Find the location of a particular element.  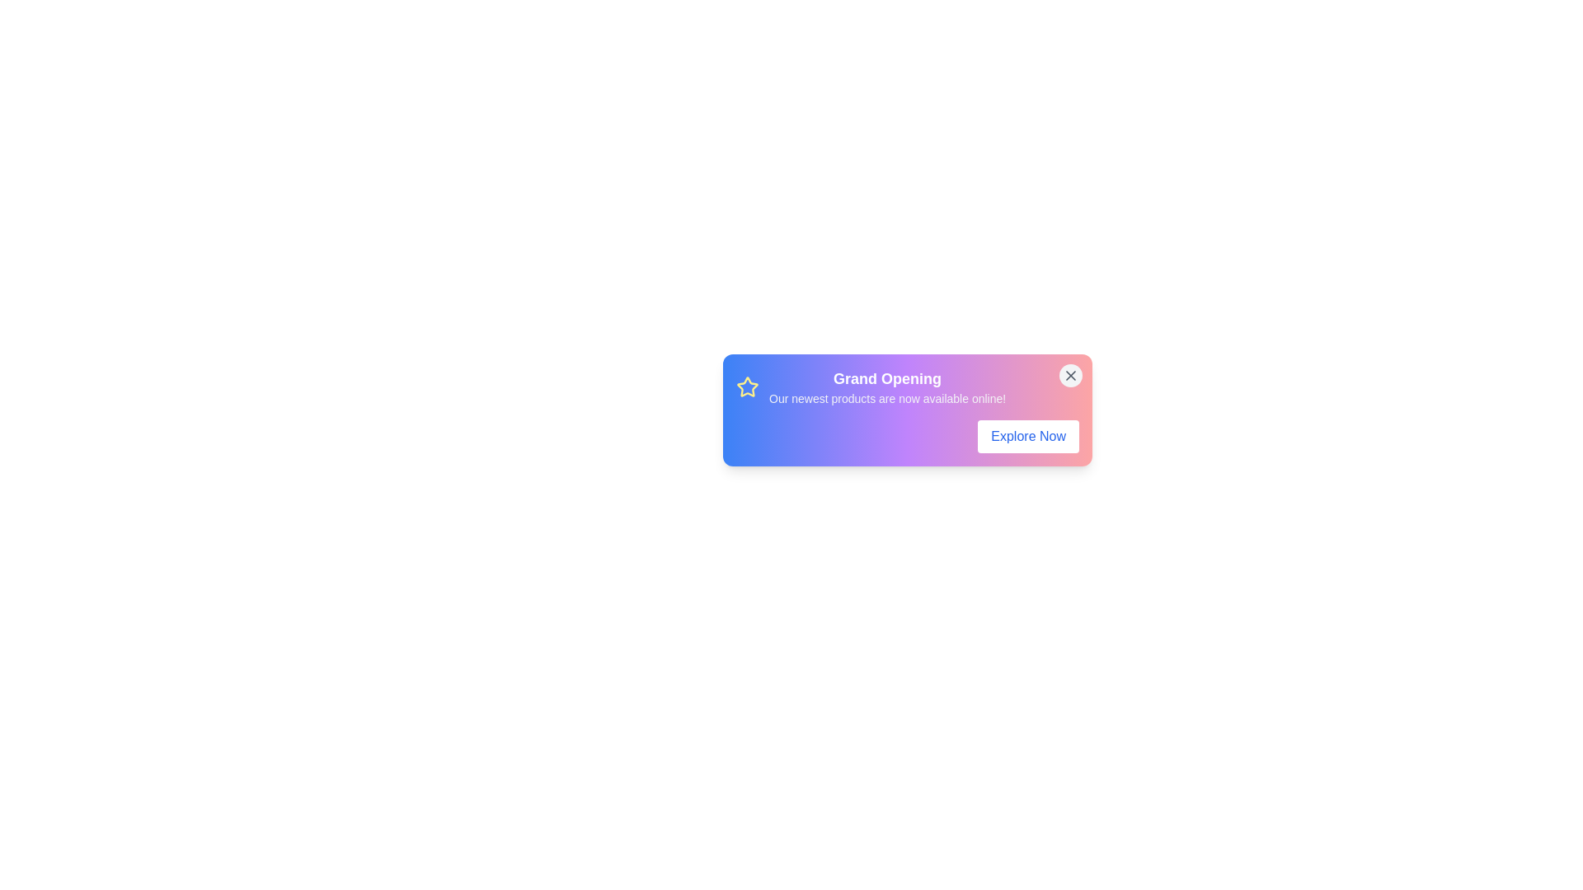

the close button located in the top-right corner of the gradient-colored rectangular box to observe the hover style change is located at coordinates (1071, 376).